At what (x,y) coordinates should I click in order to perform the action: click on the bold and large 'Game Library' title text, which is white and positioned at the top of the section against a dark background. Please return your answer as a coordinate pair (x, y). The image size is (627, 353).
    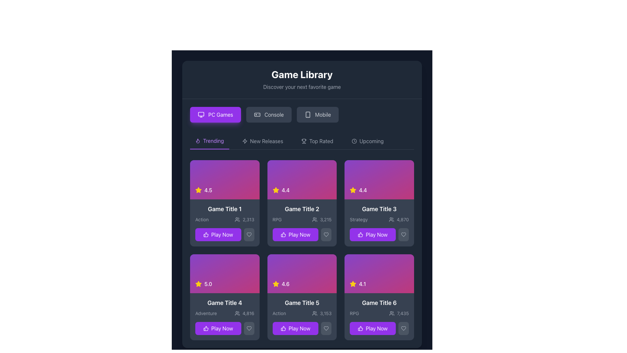
    Looking at the image, I should click on (302, 74).